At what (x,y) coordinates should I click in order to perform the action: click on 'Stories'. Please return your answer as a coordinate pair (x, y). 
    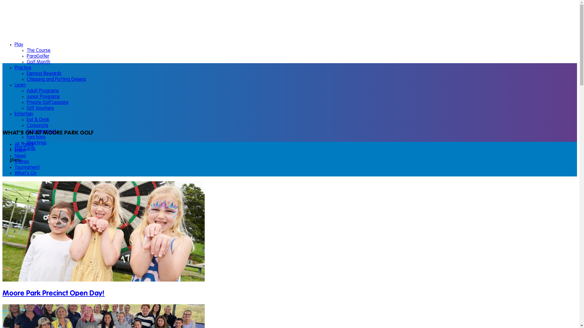
    Looking at the image, I should click on (15, 161).